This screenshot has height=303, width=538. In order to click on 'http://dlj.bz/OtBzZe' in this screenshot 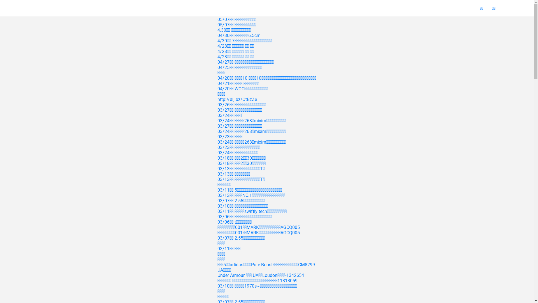, I will do `click(237, 99)`.